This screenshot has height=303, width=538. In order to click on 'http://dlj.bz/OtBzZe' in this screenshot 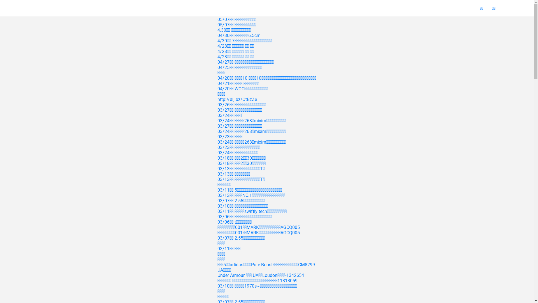, I will do `click(237, 99)`.